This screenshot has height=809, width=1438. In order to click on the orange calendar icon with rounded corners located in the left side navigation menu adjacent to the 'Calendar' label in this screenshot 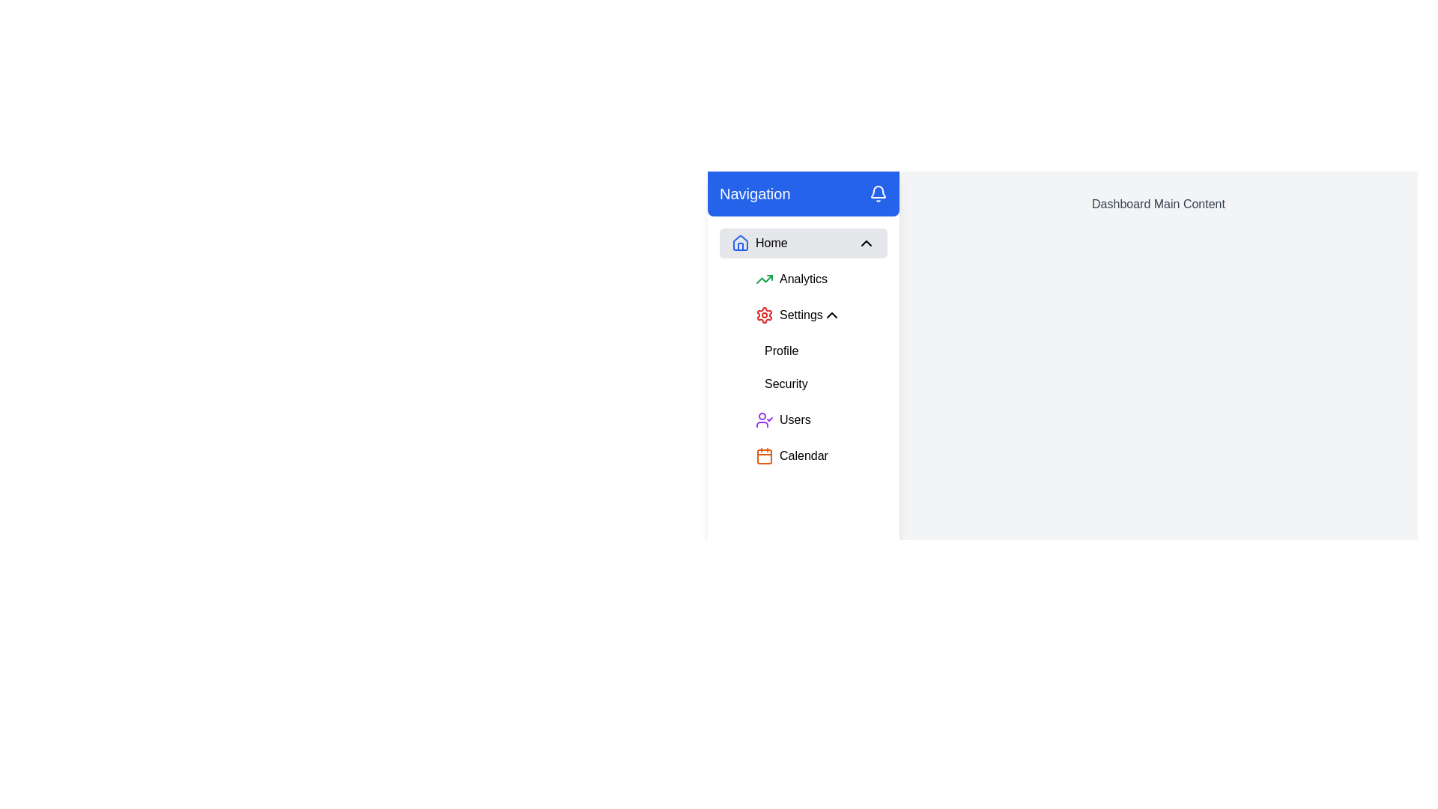, I will do `click(765, 455)`.